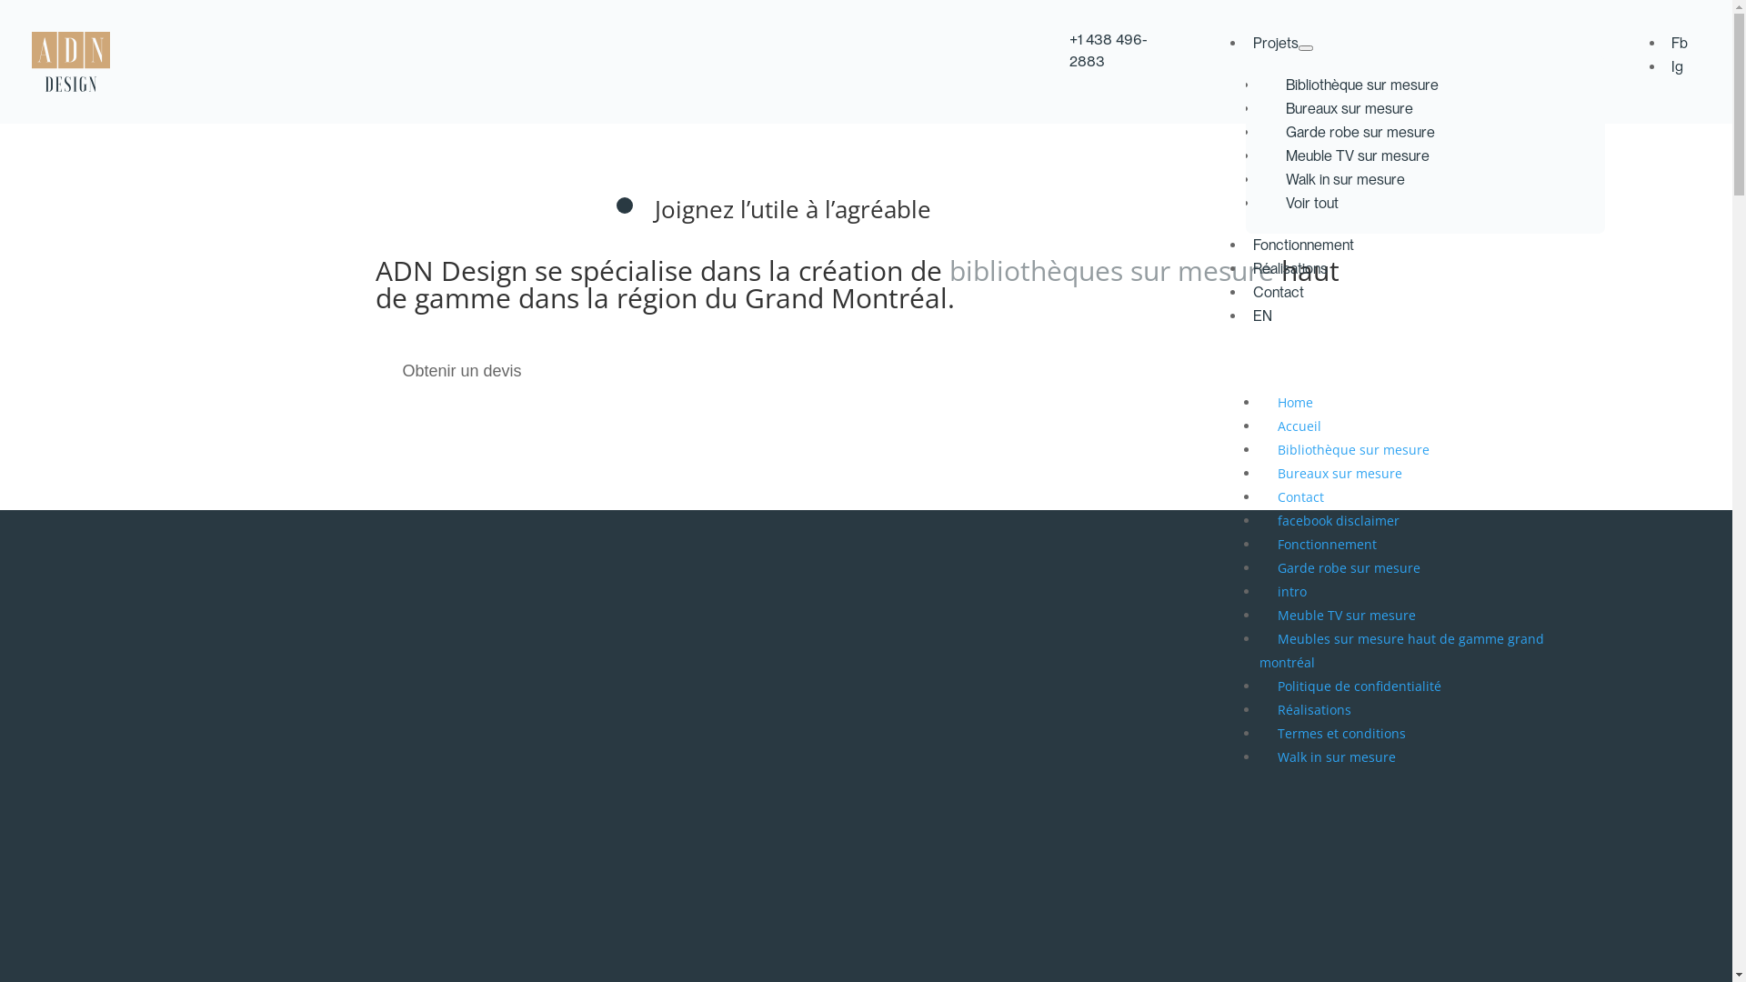 The height and width of the screenshot is (982, 1746). I want to click on 'Meuble TV sur mesure', so click(1357, 155).